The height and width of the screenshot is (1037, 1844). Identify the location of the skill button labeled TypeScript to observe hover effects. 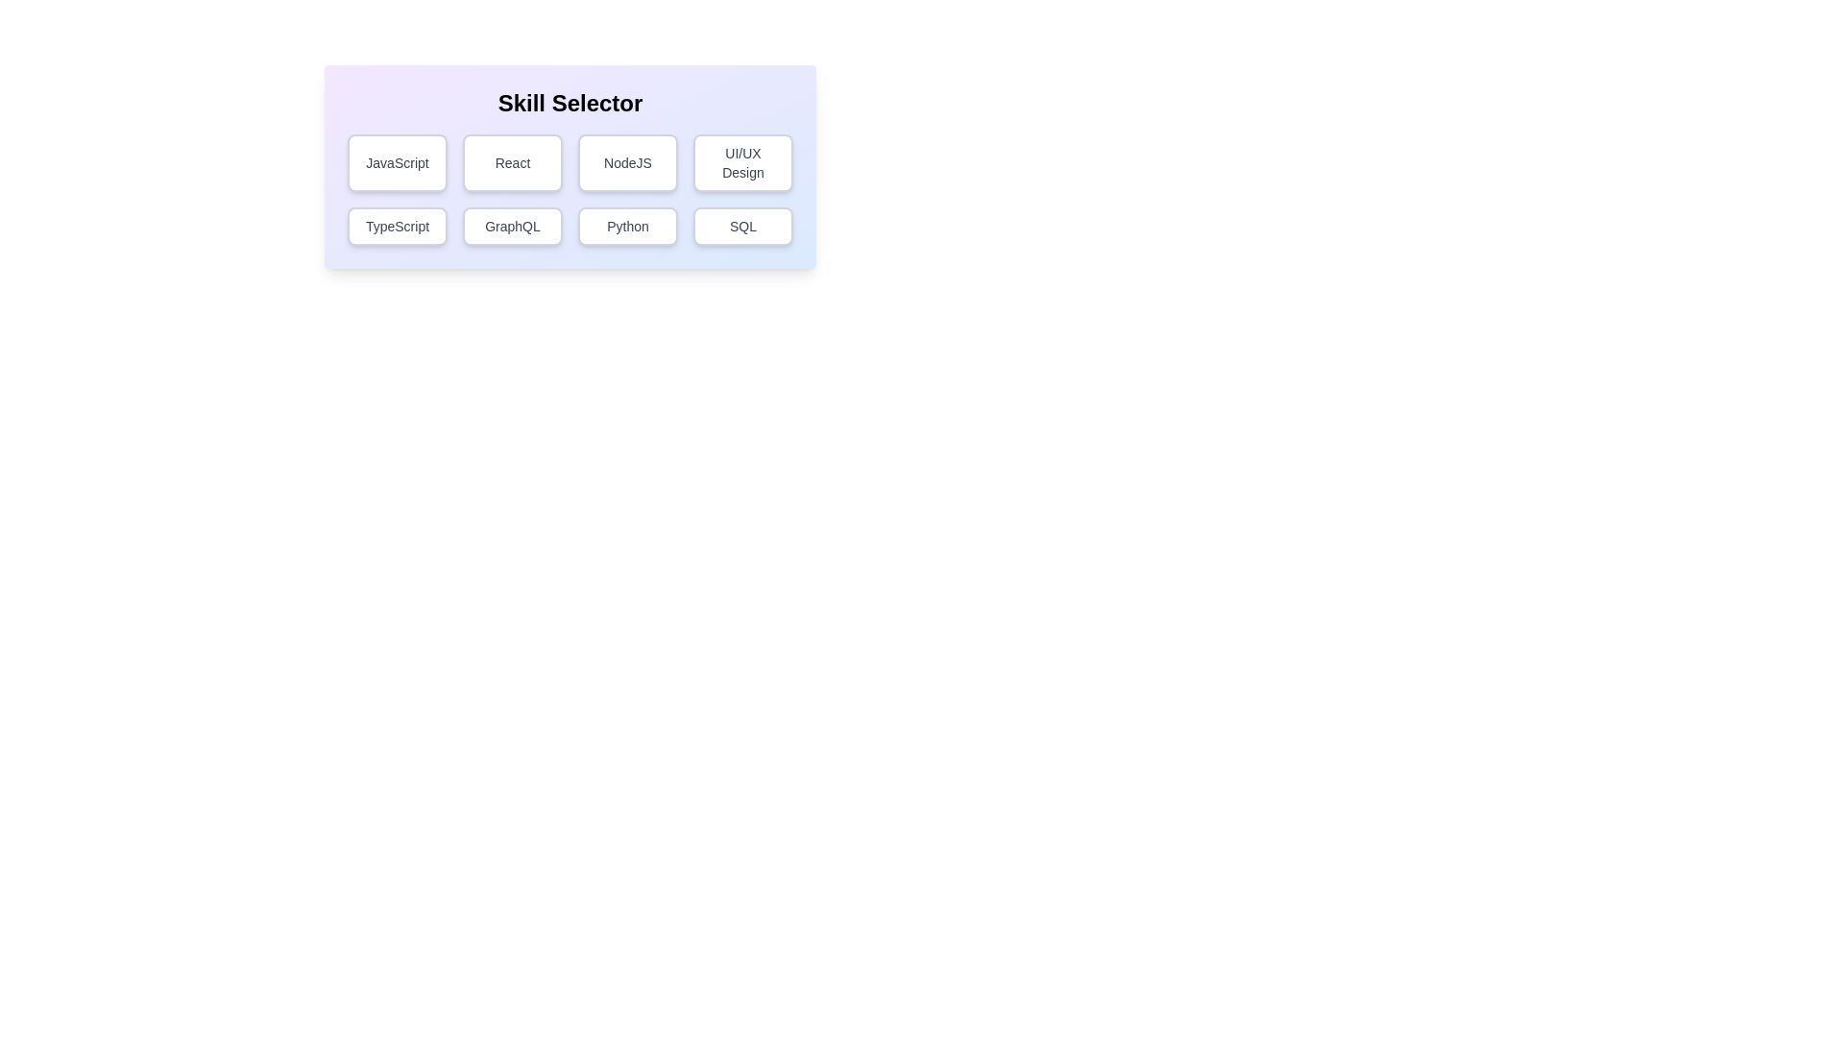
(396, 225).